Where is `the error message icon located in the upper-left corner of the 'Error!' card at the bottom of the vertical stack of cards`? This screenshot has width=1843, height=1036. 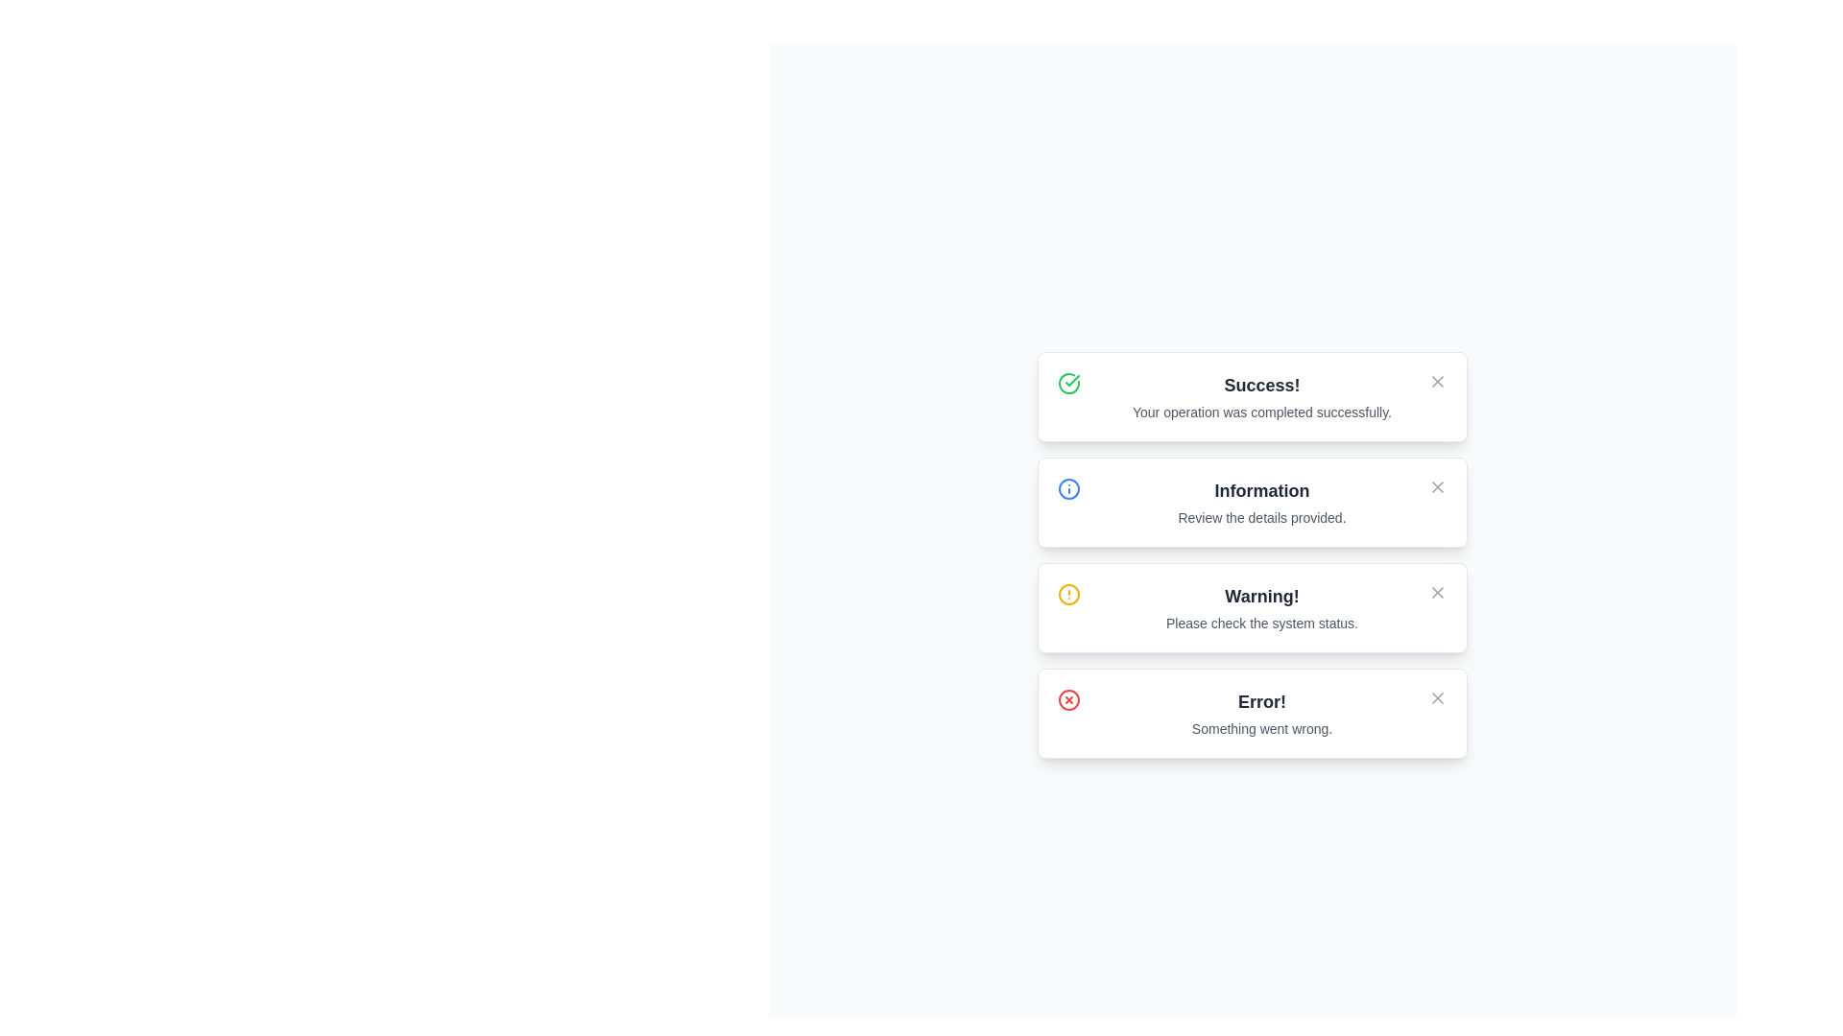
the error message icon located in the upper-left corner of the 'Error!' card at the bottom of the vertical stack of cards is located at coordinates (1067, 699).